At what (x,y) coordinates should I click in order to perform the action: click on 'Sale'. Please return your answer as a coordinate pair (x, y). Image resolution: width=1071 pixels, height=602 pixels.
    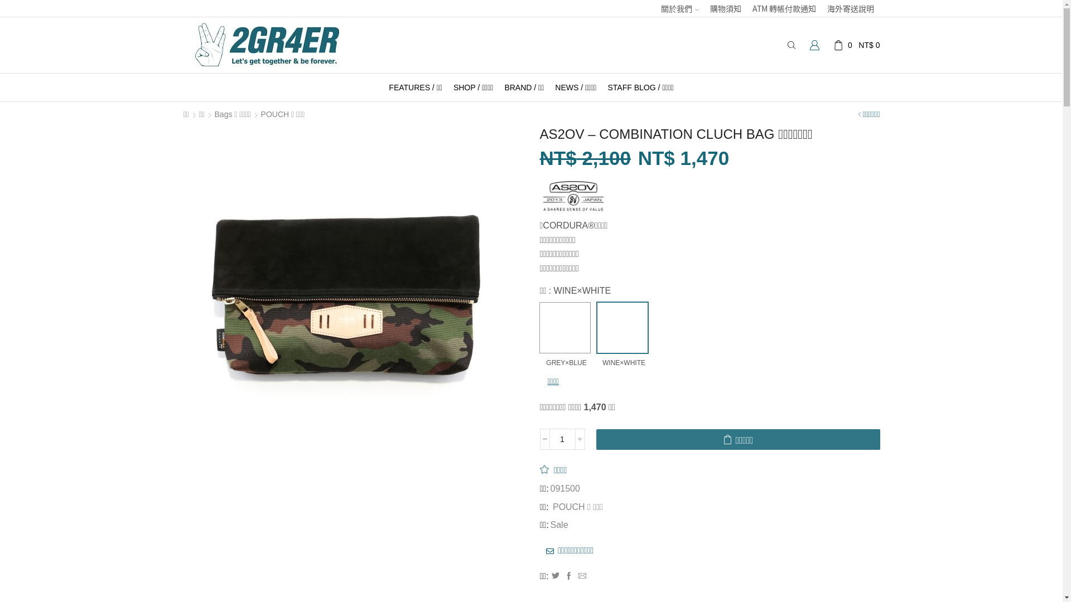
    Looking at the image, I should click on (558, 525).